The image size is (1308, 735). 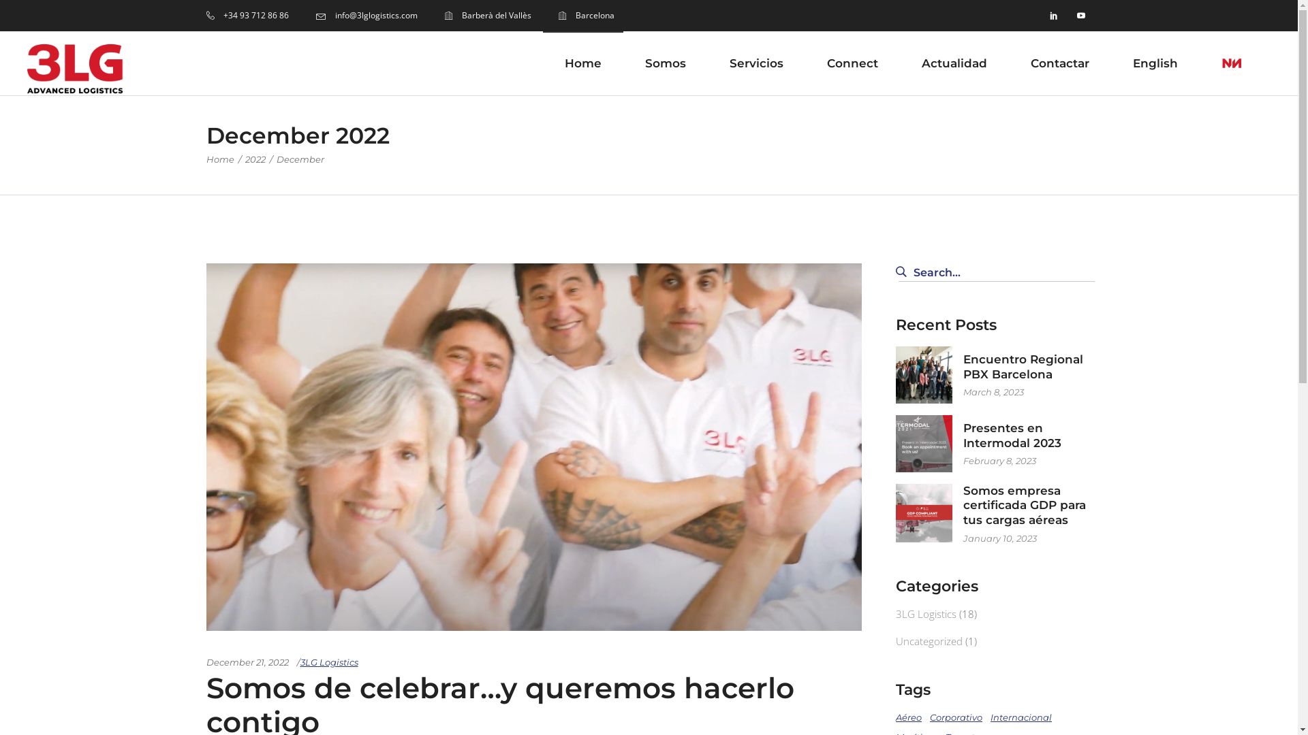 I want to click on 'English', so click(x=1111, y=63).